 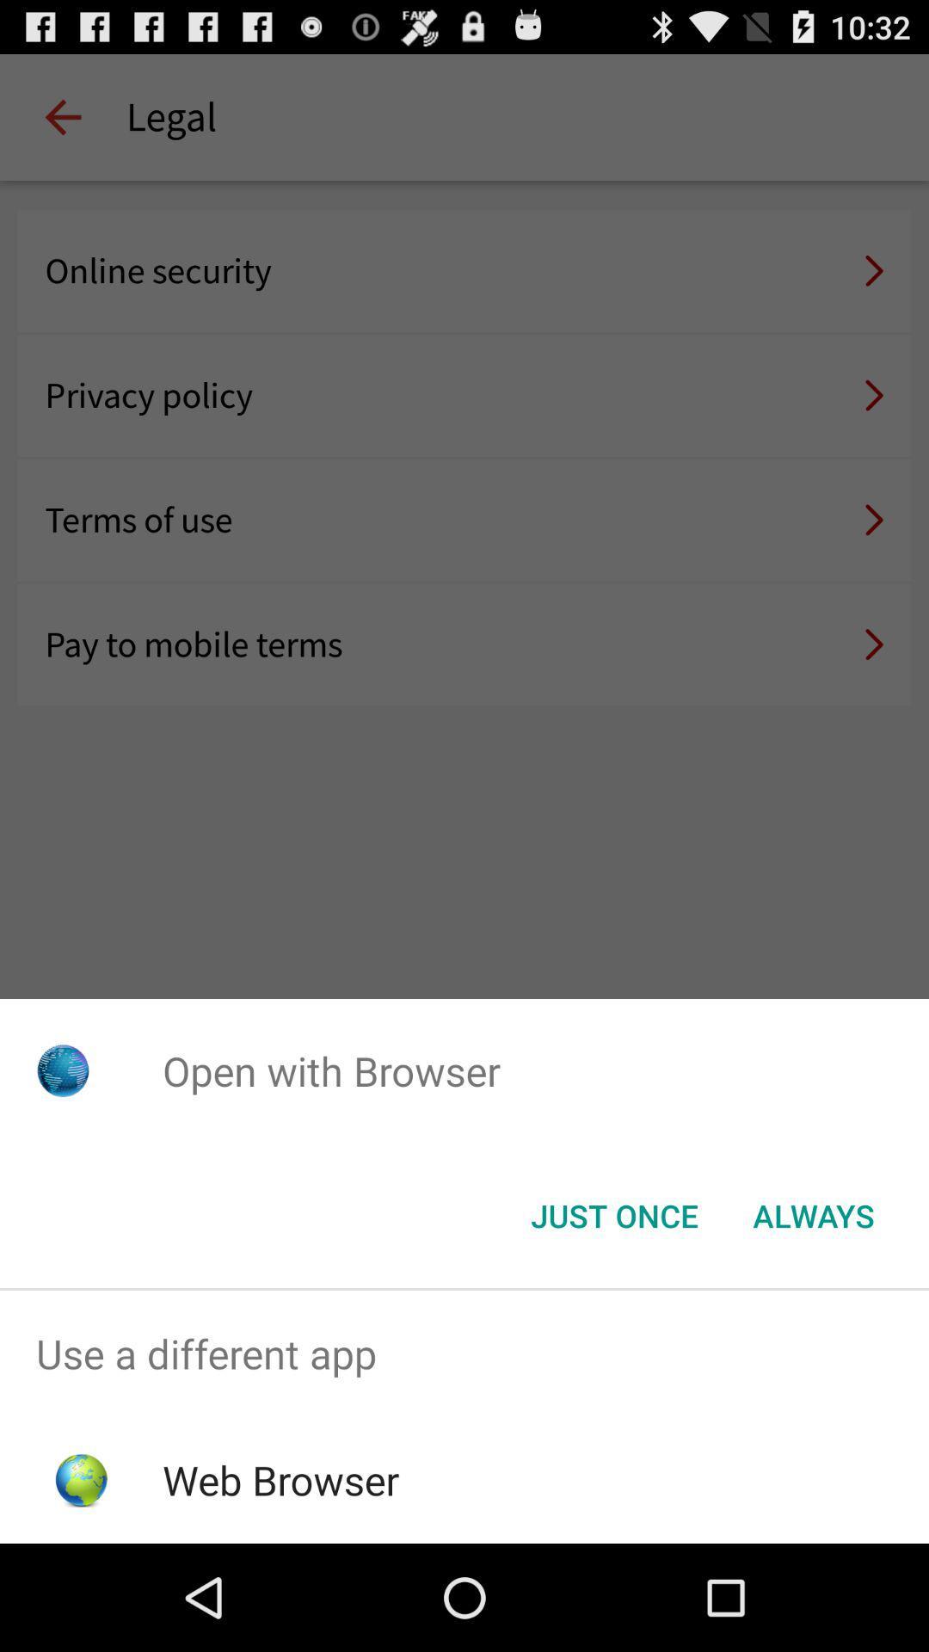 What do you see at coordinates (813, 1214) in the screenshot?
I see `the icon at the bottom right corner` at bounding box center [813, 1214].